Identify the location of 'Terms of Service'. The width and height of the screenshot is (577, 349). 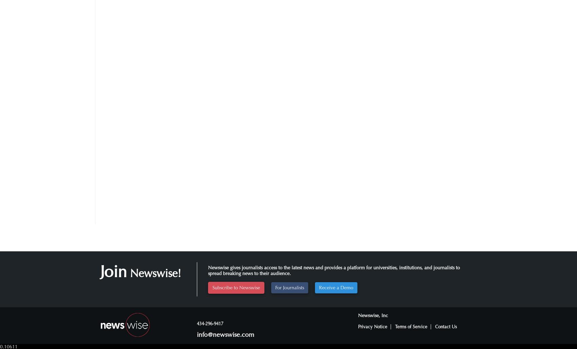
(411, 326).